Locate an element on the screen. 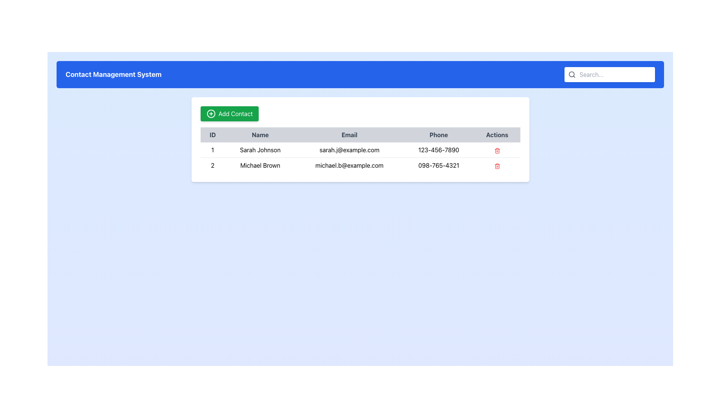  the button located in the card section at the top-left corner to initiate adding a new contact is located at coordinates (229, 113).